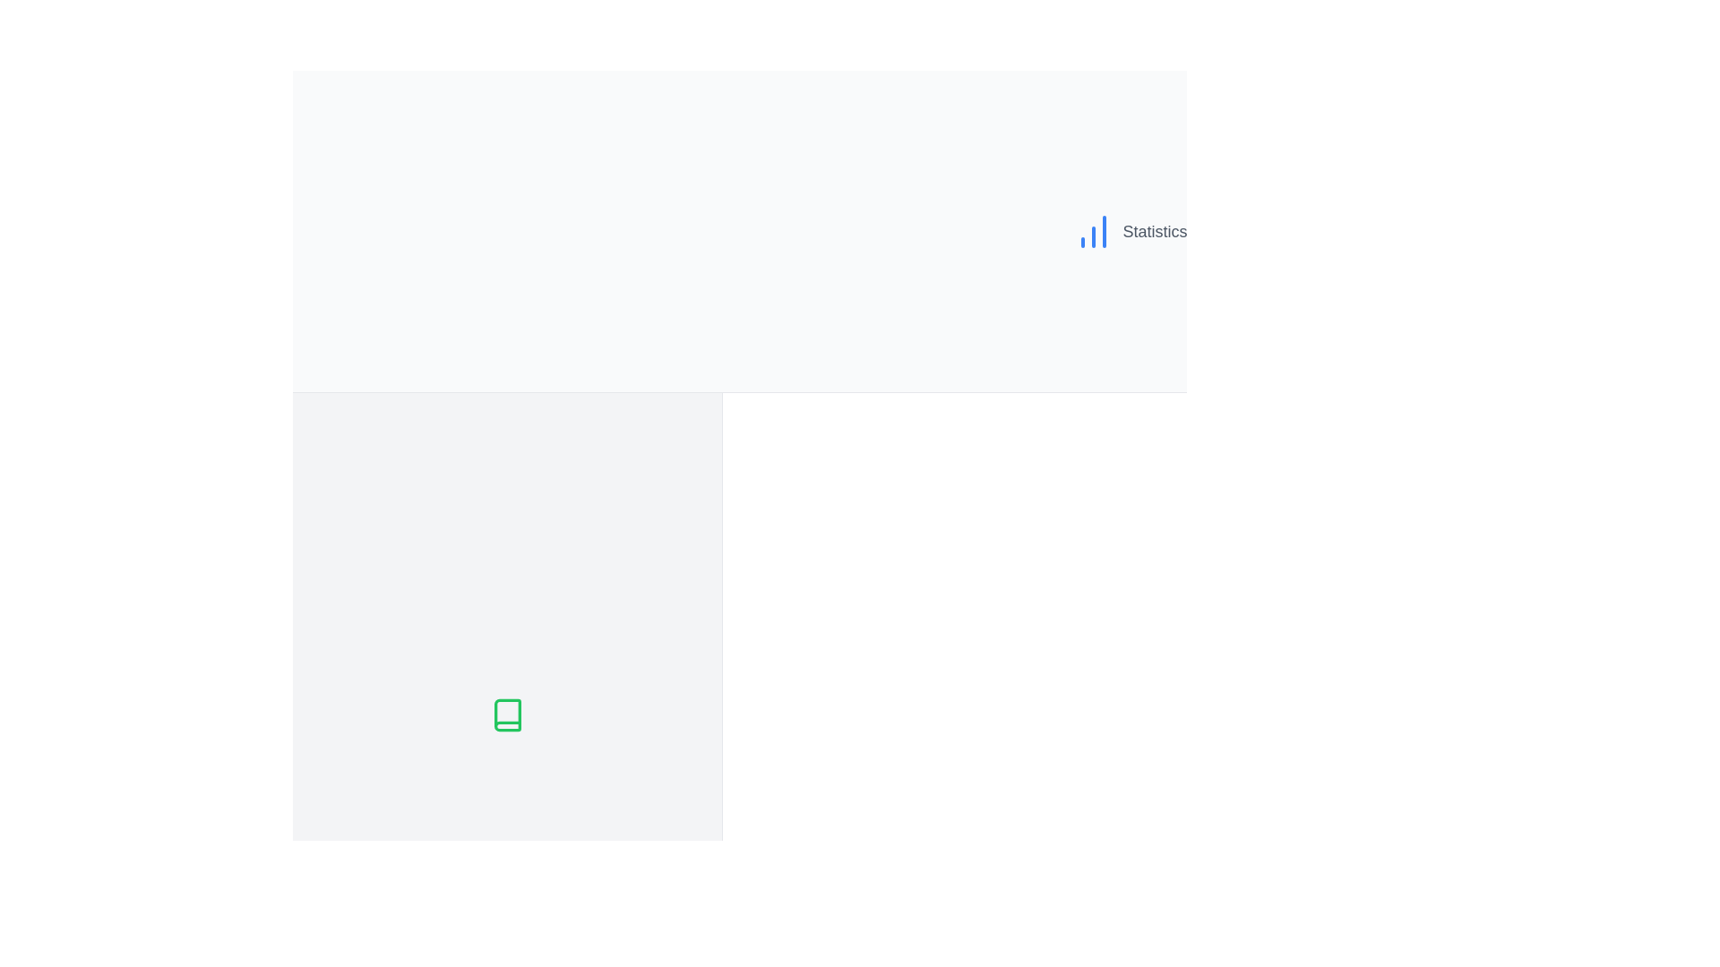 The height and width of the screenshot is (967, 1720). Describe the element at coordinates (1093, 230) in the screenshot. I see `the SVG Icon representing statistical data located in the 'Statistics Panel' section, positioned to the left of the 'Statistics Panel' text` at that location.